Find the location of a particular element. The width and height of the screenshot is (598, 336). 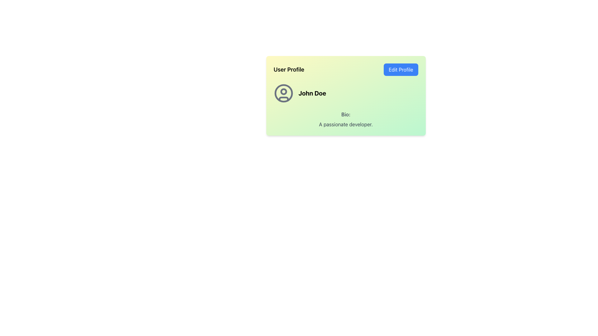

the static text label indicating the user's biography, which is located within the user profile card and positioned above the text 'A passionate developer.' is located at coordinates (345, 114).